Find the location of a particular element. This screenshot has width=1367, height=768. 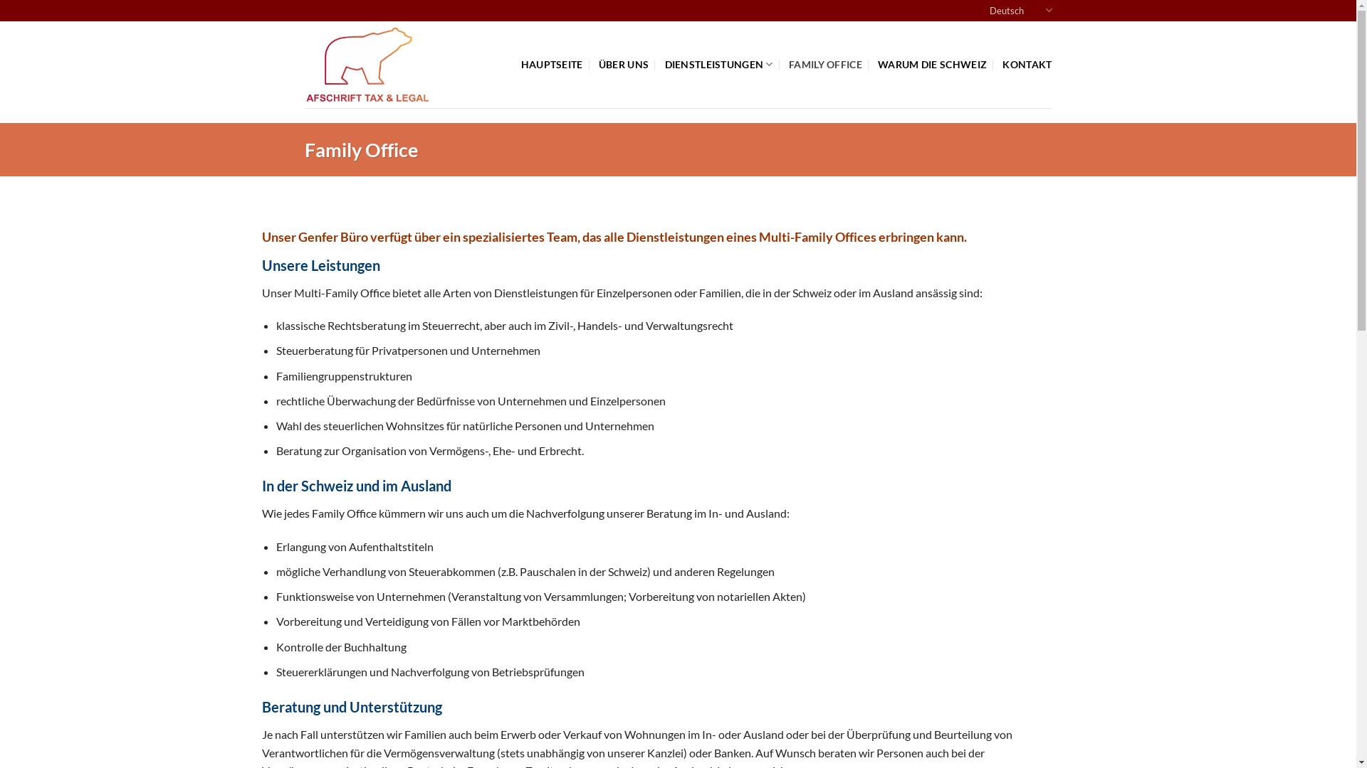

'DIENSTLEISTUNGEN' is located at coordinates (718, 64).